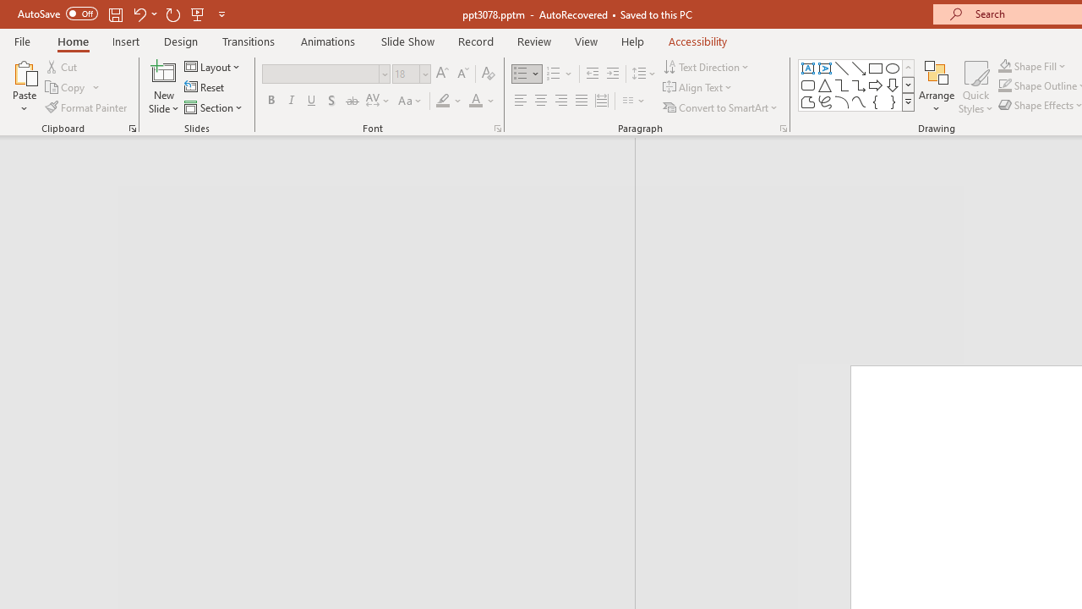  I want to click on 'Bold', so click(270, 101).